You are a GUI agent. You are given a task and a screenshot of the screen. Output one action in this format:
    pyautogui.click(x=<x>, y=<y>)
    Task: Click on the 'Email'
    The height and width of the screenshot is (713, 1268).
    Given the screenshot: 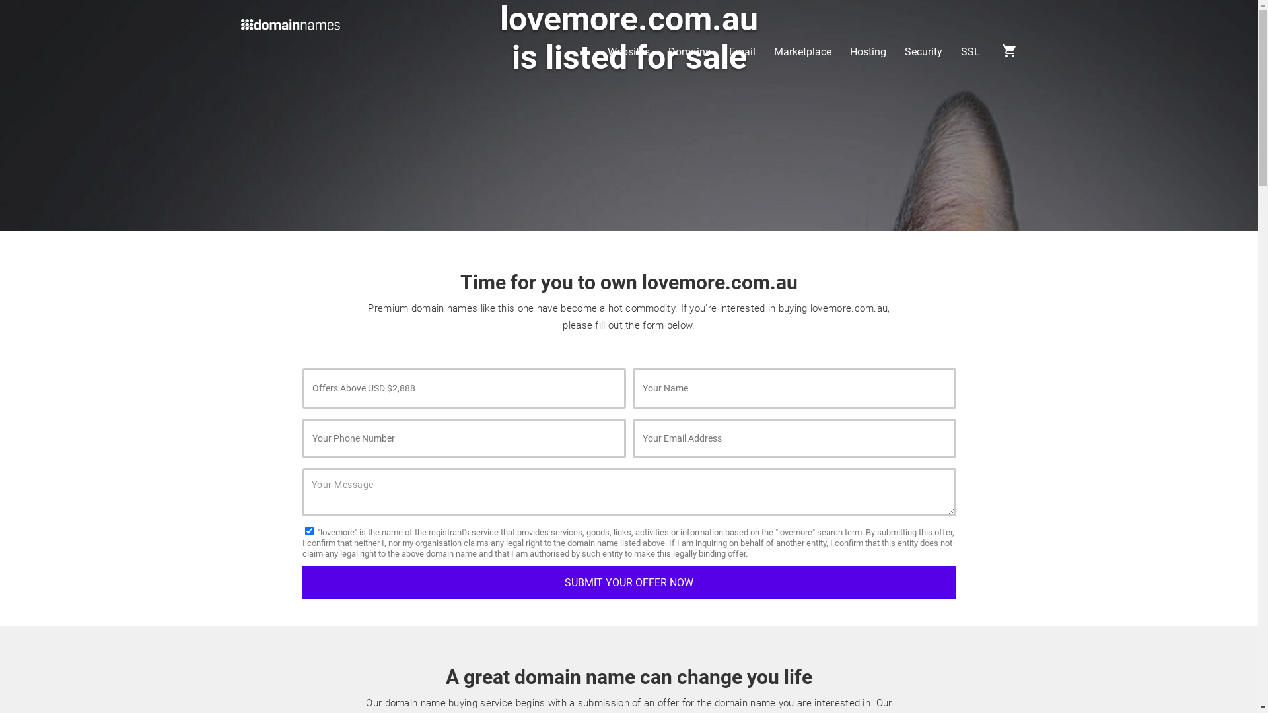 What is the action you would take?
    pyautogui.click(x=720, y=51)
    